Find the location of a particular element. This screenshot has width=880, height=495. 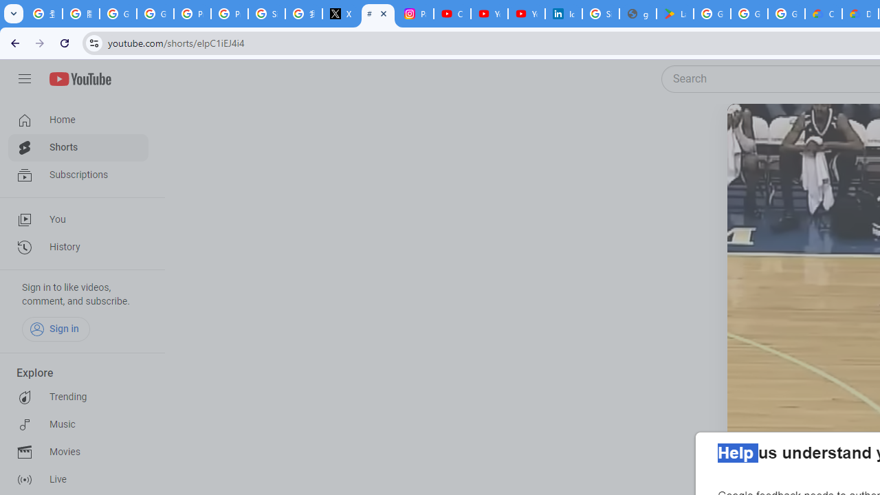

'Movies' is located at coordinates (77, 452).